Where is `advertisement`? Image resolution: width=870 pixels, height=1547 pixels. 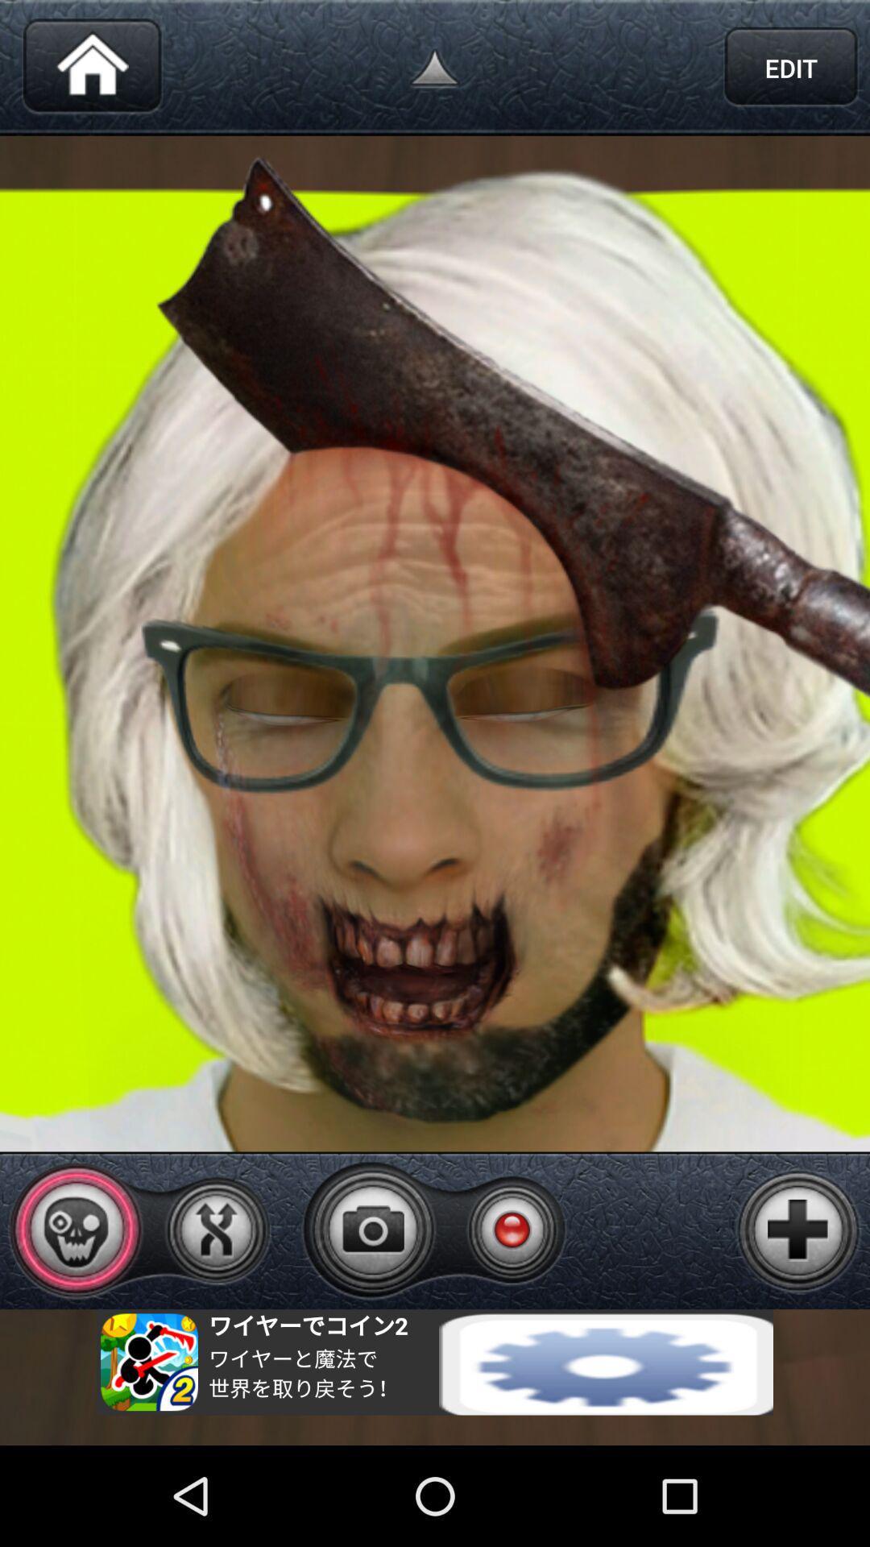 advertisement is located at coordinates (435, 1361).